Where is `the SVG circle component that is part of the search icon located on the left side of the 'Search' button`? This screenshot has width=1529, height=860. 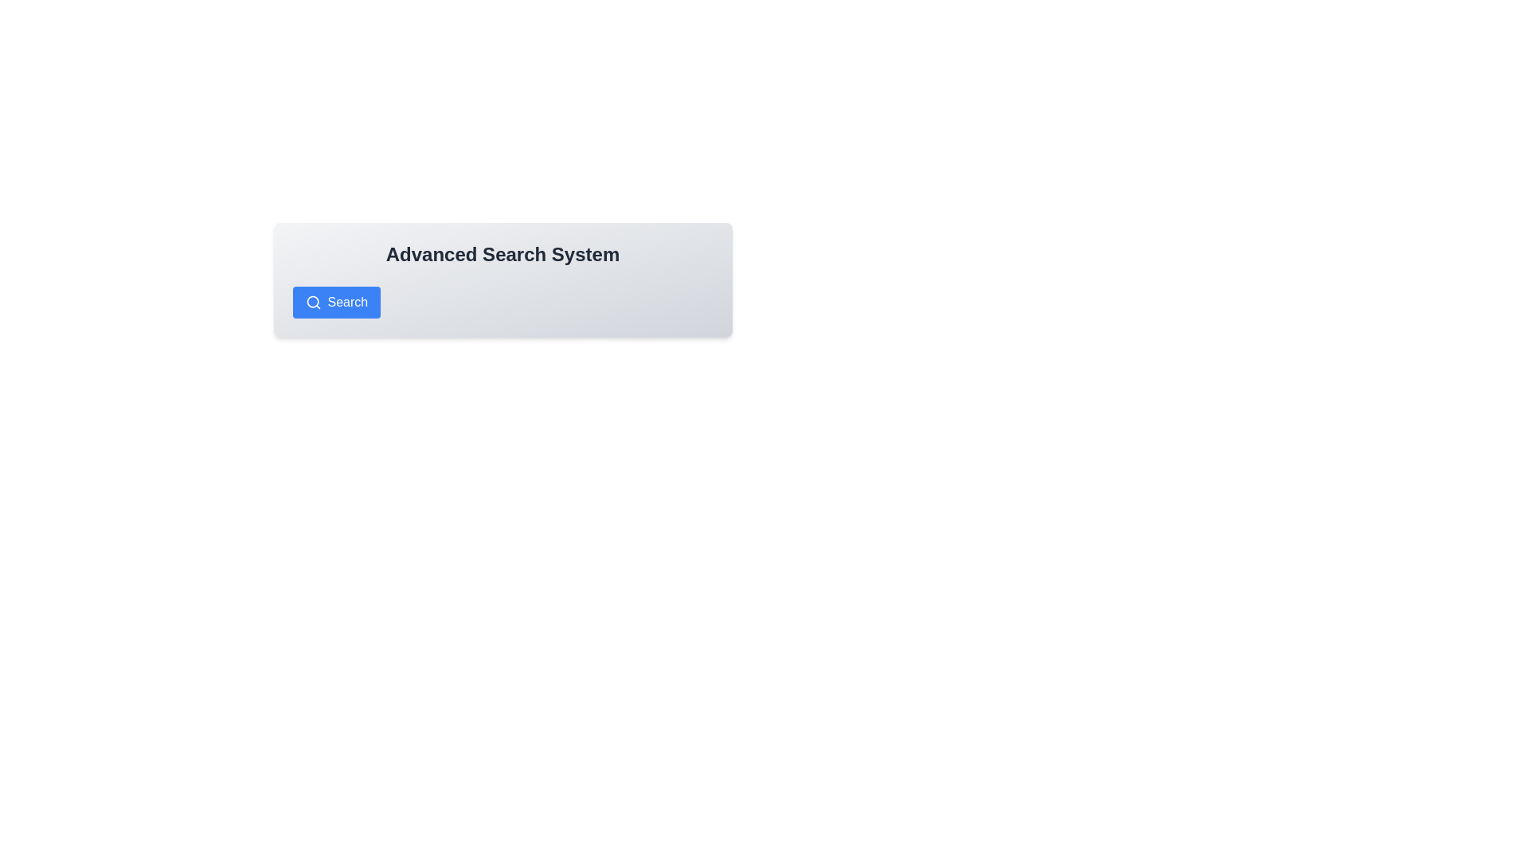
the SVG circle component that is part of the search icon located on the left side of the 'Search' button is located at coordinates (312, 302).